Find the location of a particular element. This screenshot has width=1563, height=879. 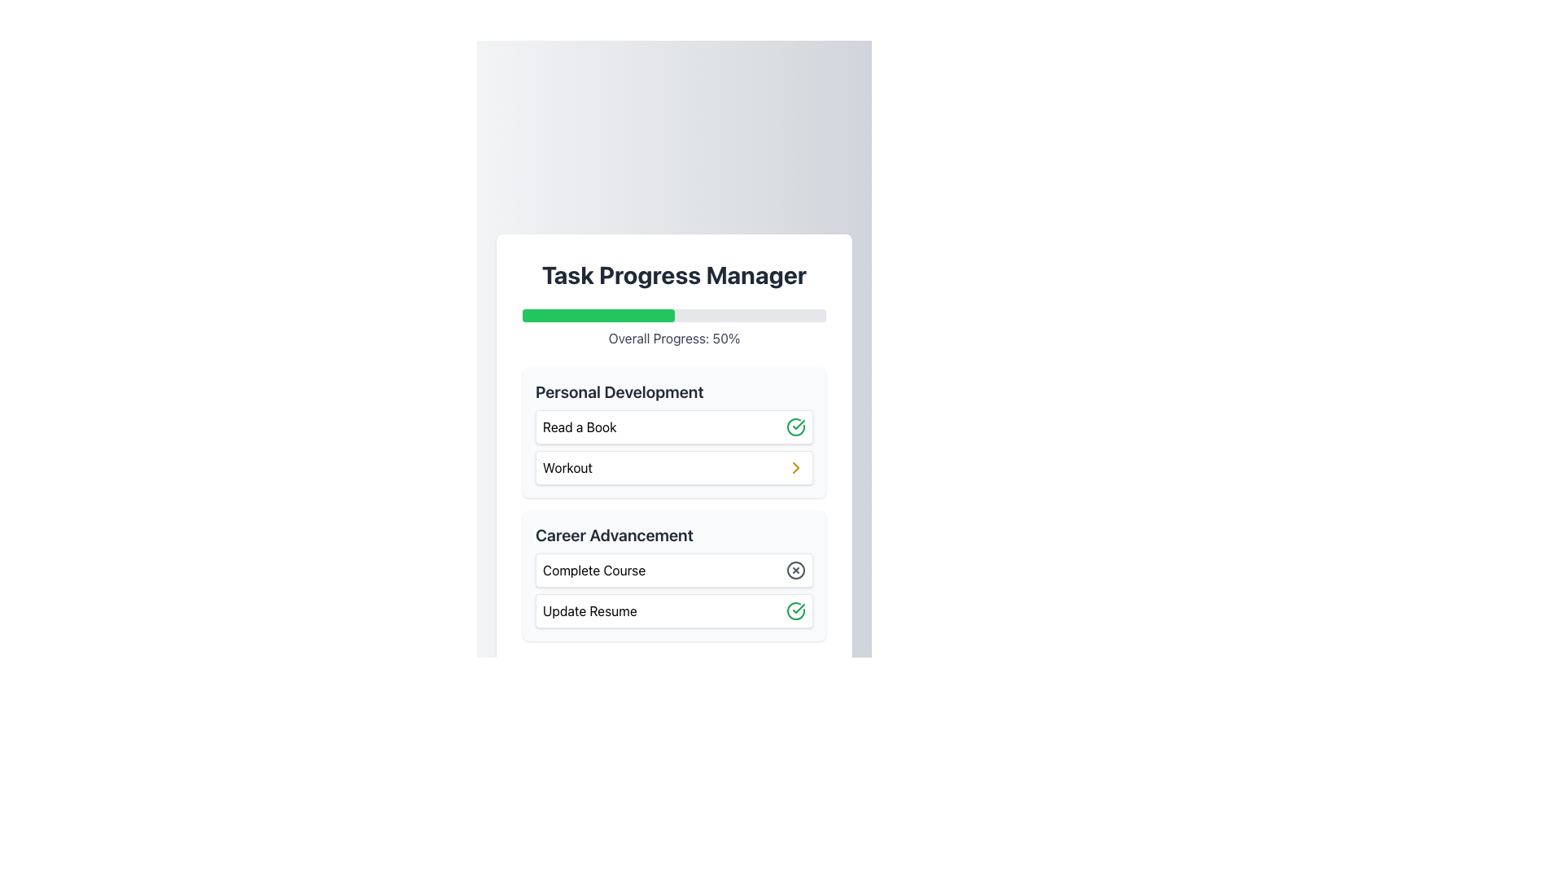

the check mark vector graphic within the 'Update Resume' section of the 'Career Advancement' interface for inspection is located at coordinates (799, 423).